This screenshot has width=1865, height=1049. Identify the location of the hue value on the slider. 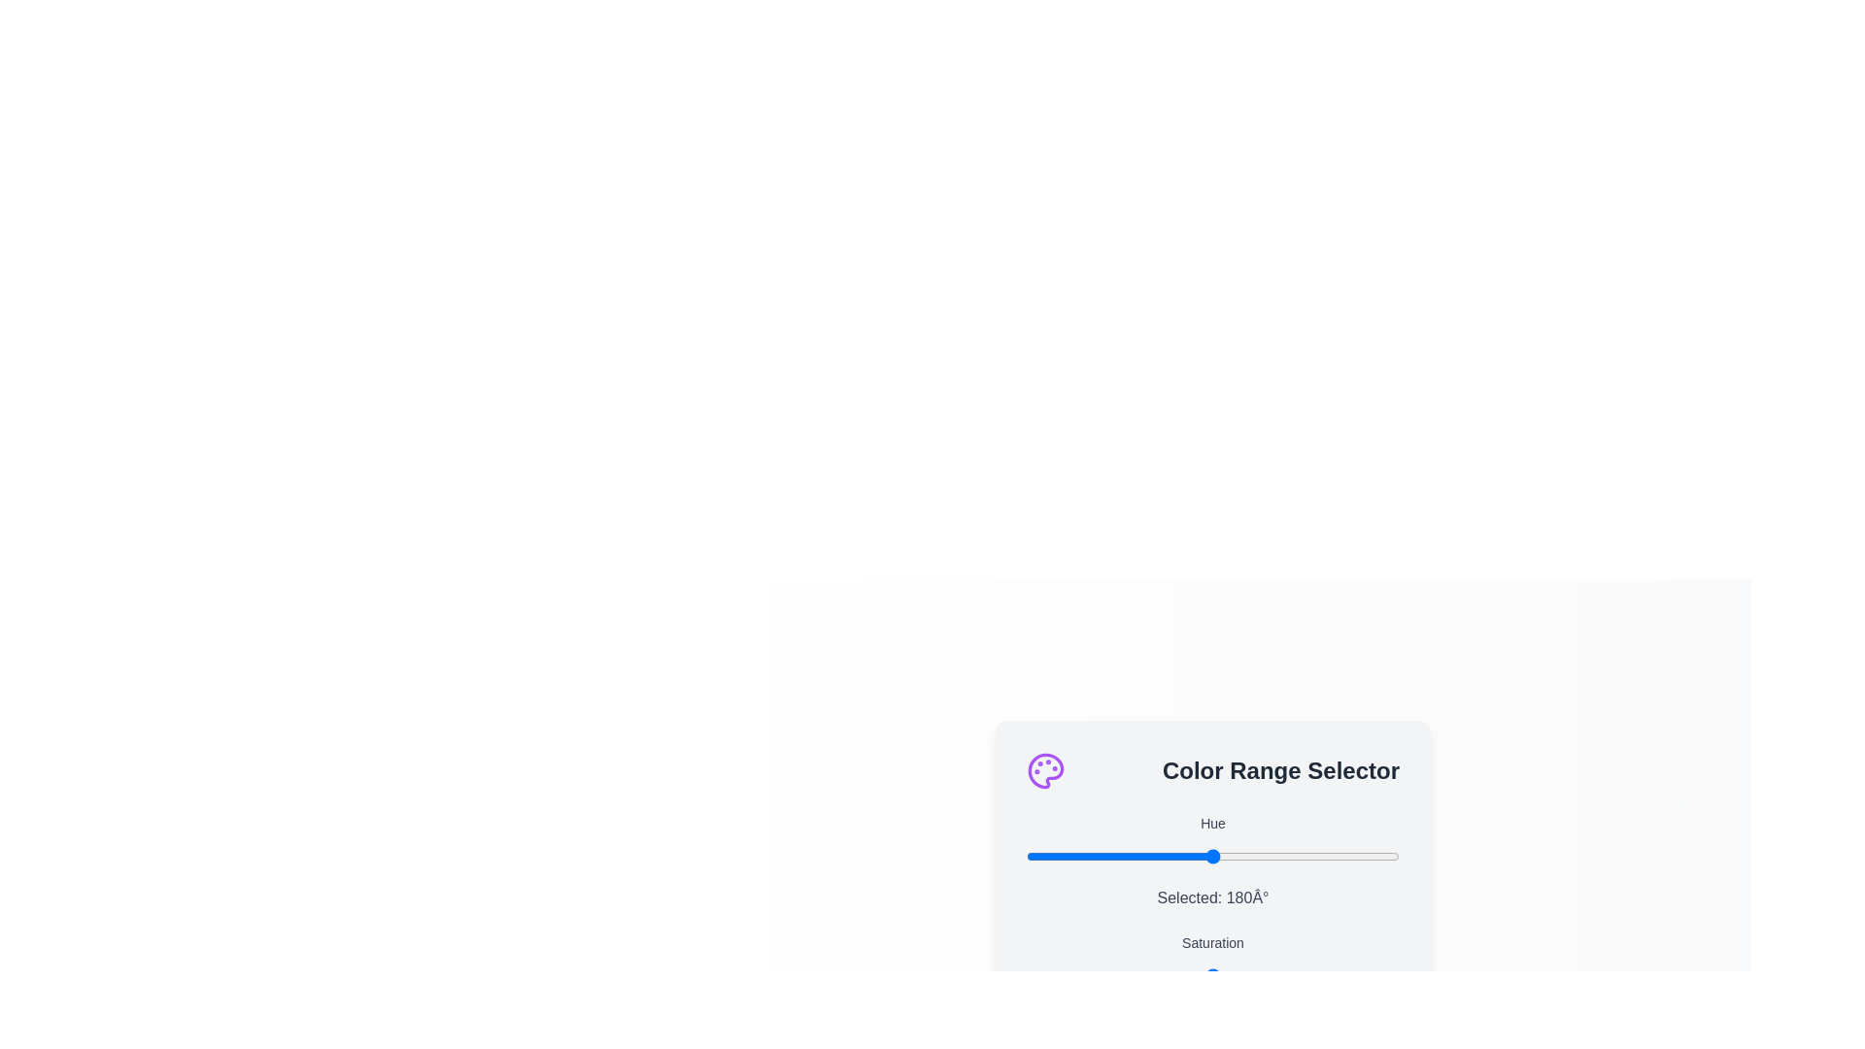
(1319, 855).